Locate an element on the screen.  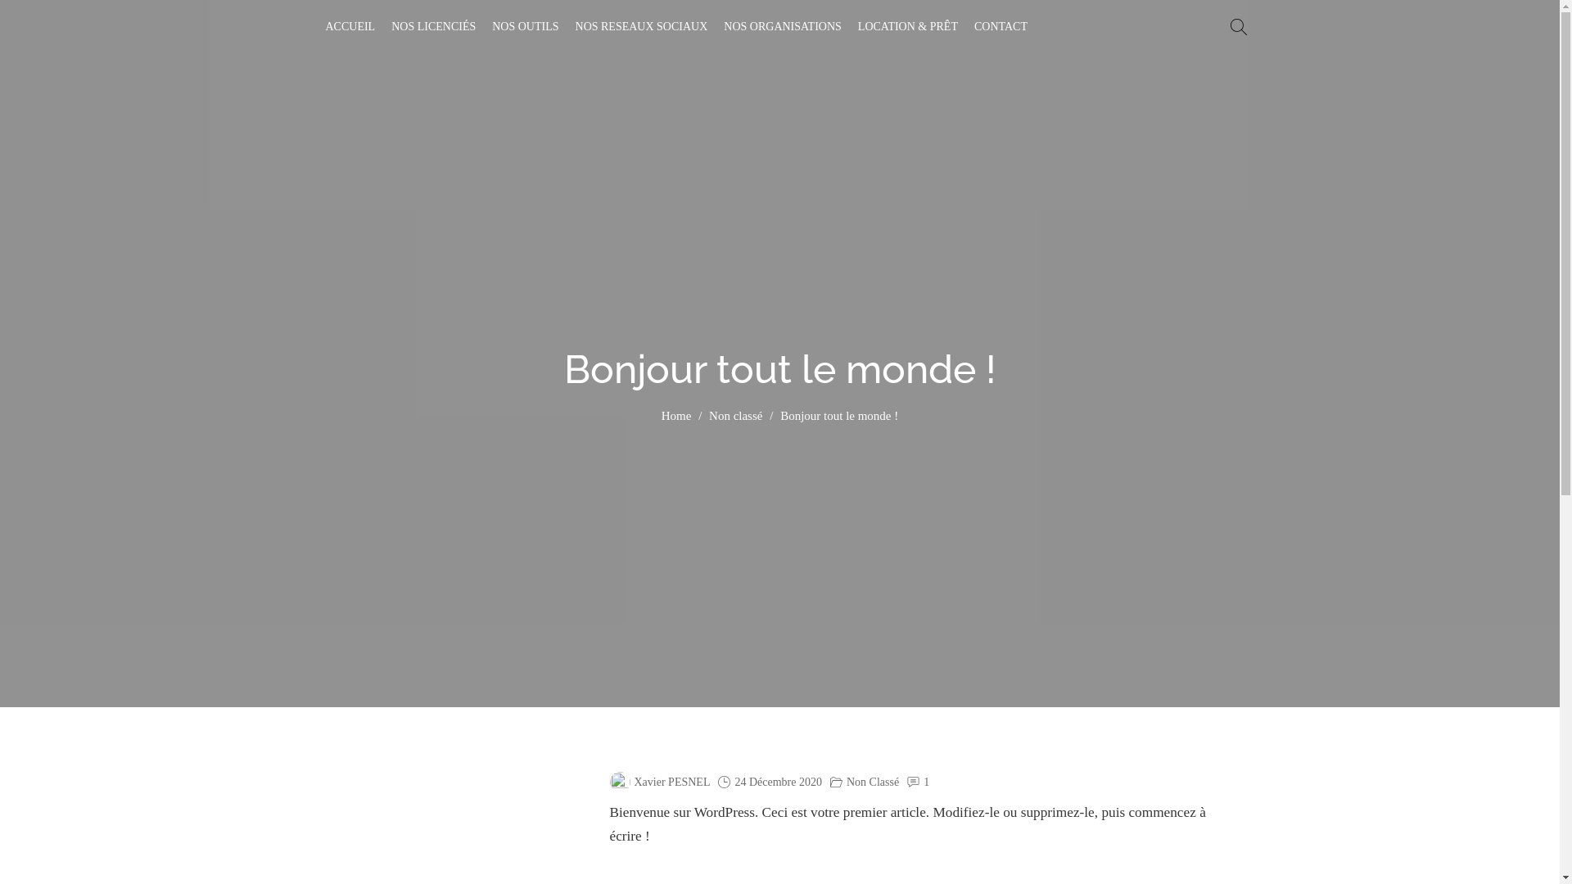
'Home' is located at coordinates (676, 416).